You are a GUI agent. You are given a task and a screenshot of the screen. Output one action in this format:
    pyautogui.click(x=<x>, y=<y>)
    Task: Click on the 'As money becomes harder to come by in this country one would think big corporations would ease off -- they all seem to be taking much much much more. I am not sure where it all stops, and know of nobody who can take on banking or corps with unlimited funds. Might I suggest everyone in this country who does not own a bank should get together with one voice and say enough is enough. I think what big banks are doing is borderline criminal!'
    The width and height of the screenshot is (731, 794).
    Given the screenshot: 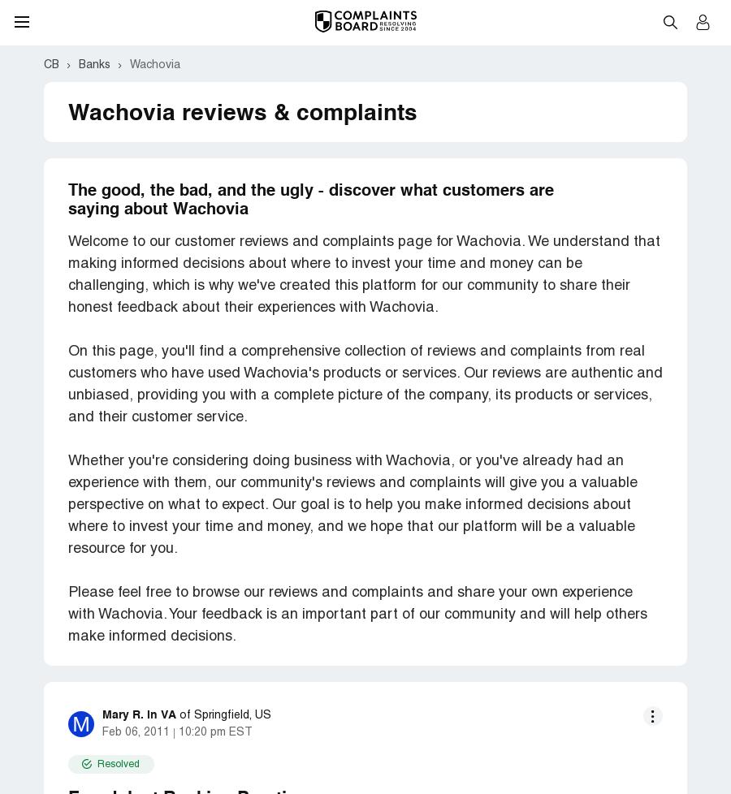 What is the action you would take?
    pyautogui.click(x=365, y=387)
    